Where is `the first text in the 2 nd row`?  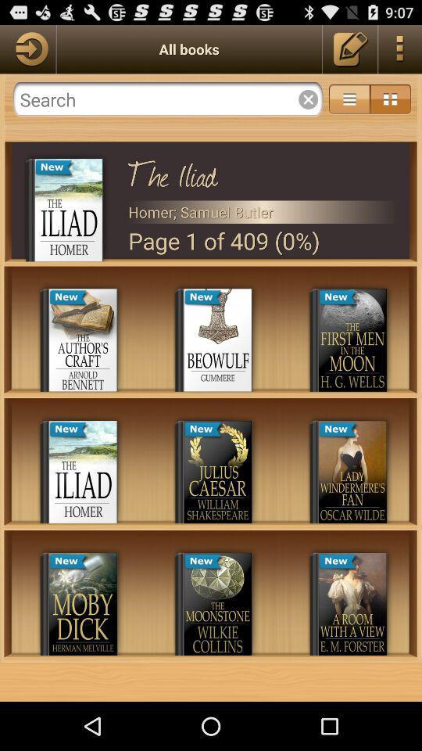
the first text in the 2 nd row is located at coordinates (68, 430).